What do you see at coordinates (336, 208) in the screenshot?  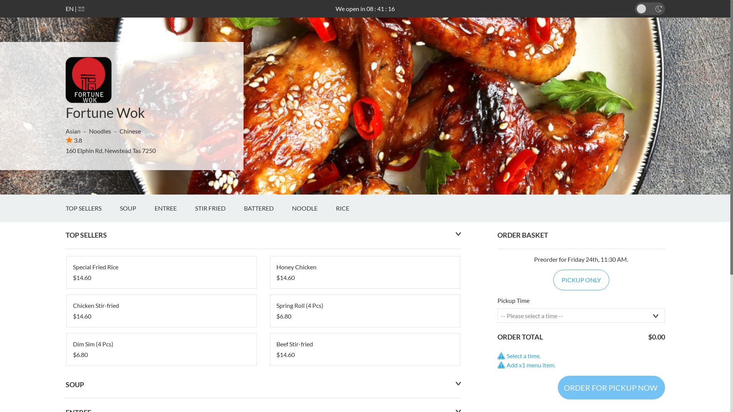 I see `'RICE'` at bounding box center [336, 208].